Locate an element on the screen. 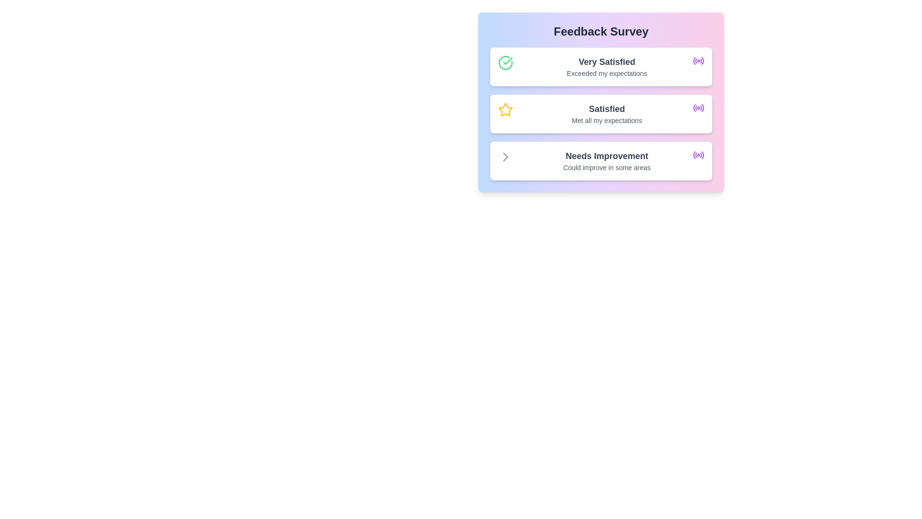 Image resolution: width=922 pixels, height=519 pixels. the decorative purple icon resembling a radio-like waveform symbol located to the right of the 'Satisfied' list item in the survey interface is located at coordinates (698, 108).